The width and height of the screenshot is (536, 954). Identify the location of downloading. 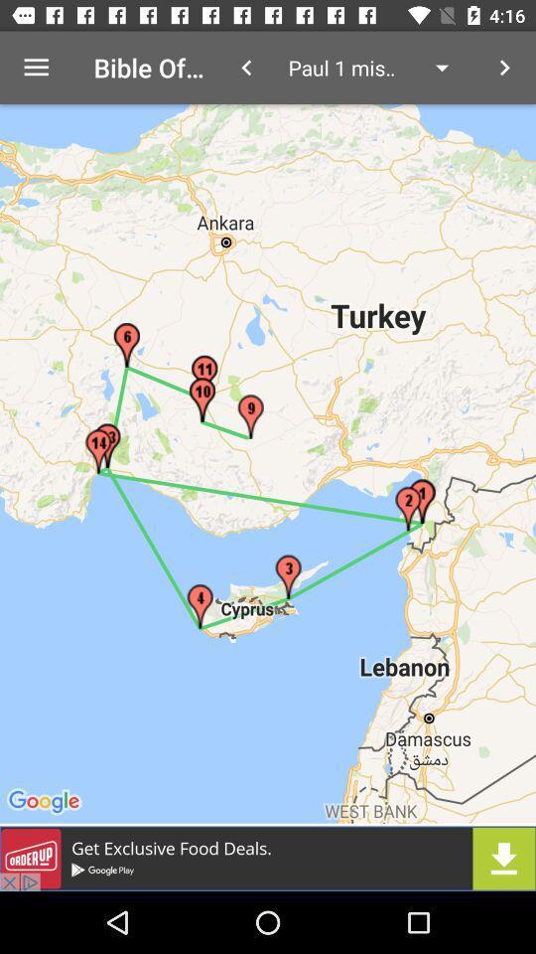
(268, 858).